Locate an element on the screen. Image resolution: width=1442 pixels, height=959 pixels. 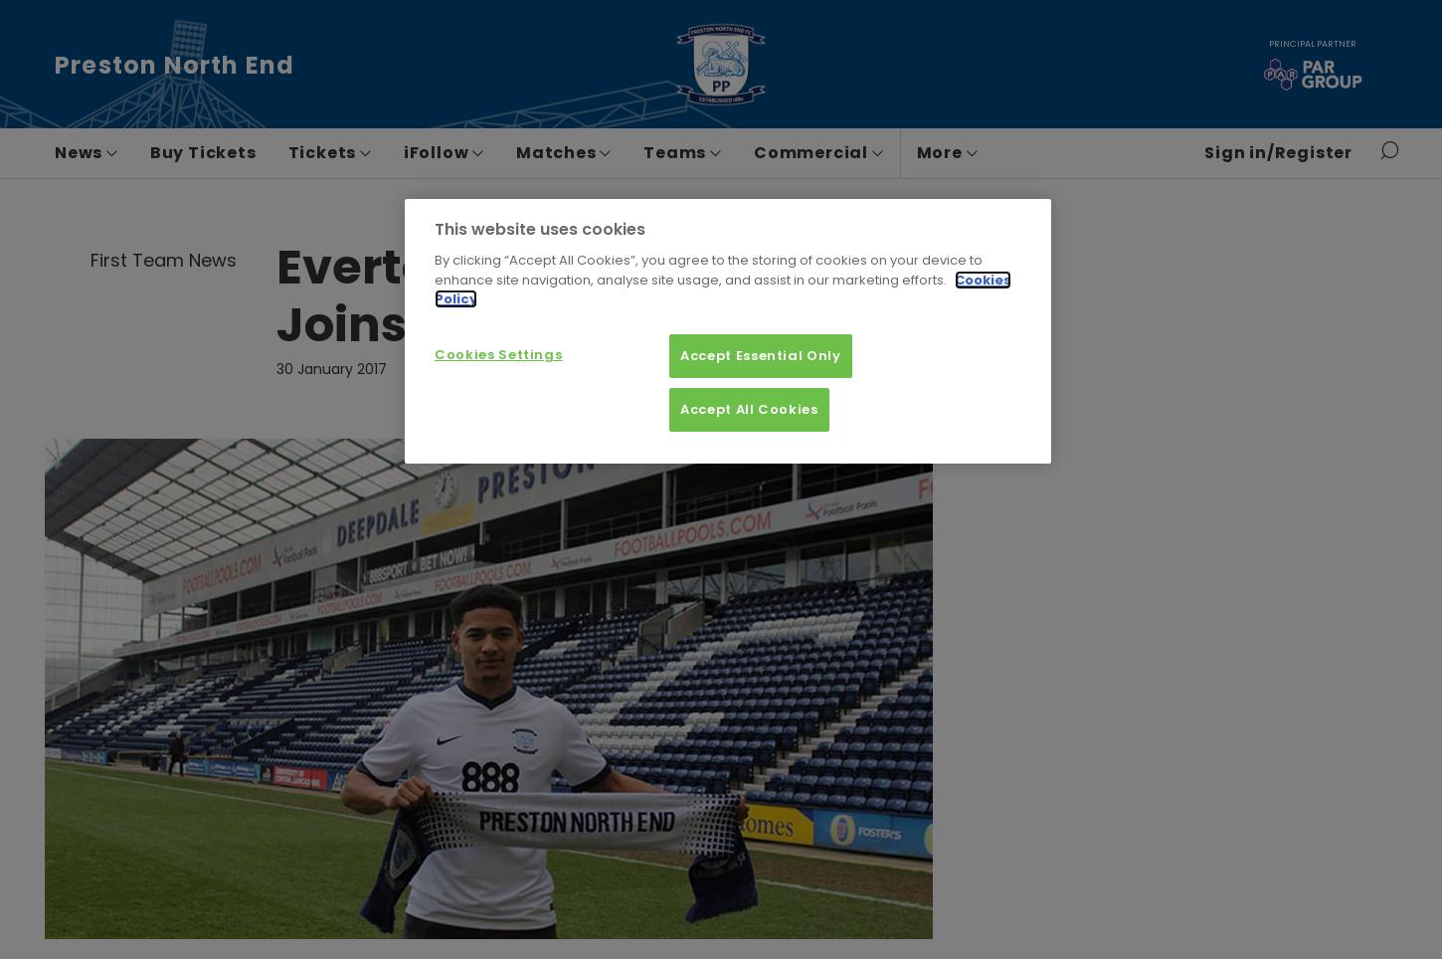
'30 January 2017' is located at coordinates (331, 367).